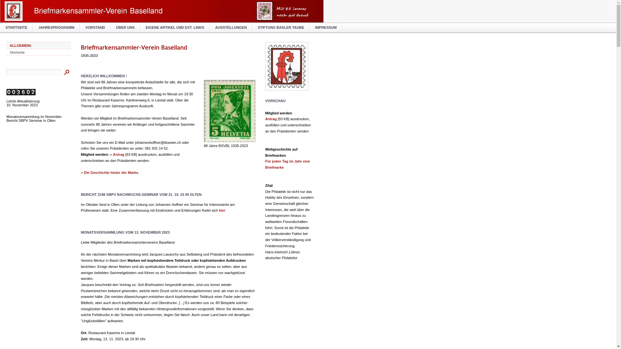  Describe the element at coordinates (231, 27) in the screenshot. I see `'AUSSTELLUNGEN'` at that location.